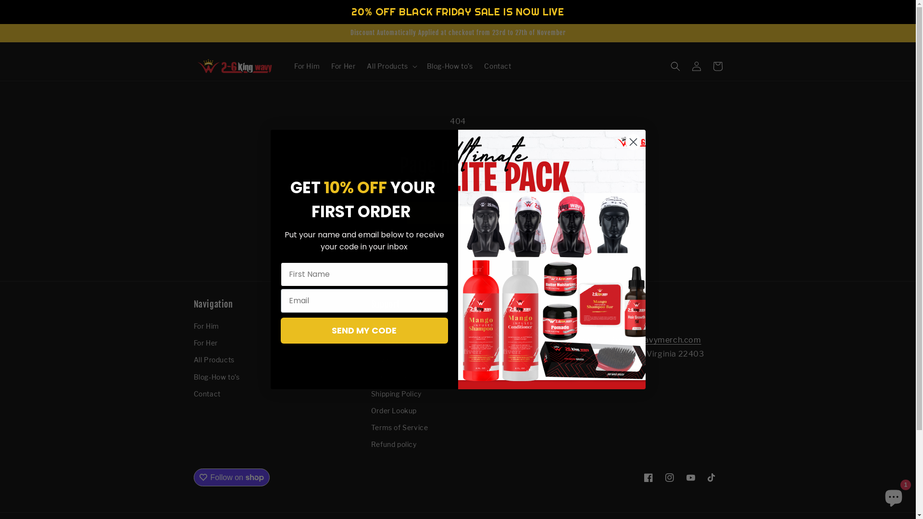 The image size is (923, 519). What do you see at coordinates (717, 66) in the screenshot?
I see `'Cart'` at bounding box center [717, 66].